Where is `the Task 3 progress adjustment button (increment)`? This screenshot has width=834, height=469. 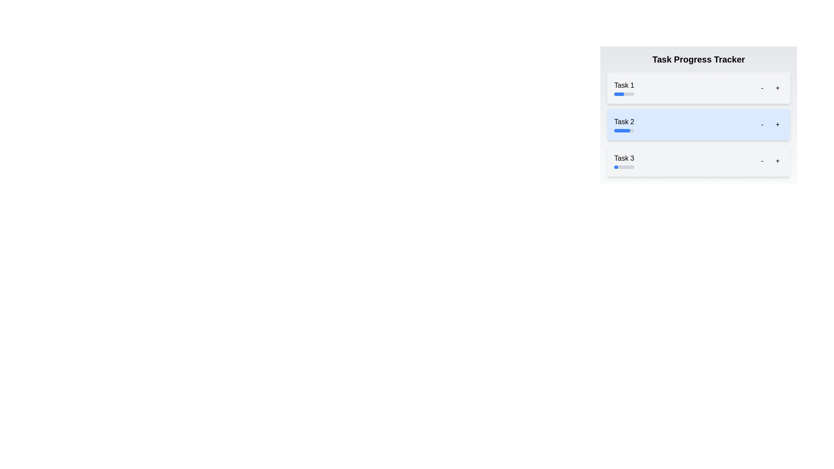
the Task 3 progress adjustment button (increment) is located at coordinates (778, 161).